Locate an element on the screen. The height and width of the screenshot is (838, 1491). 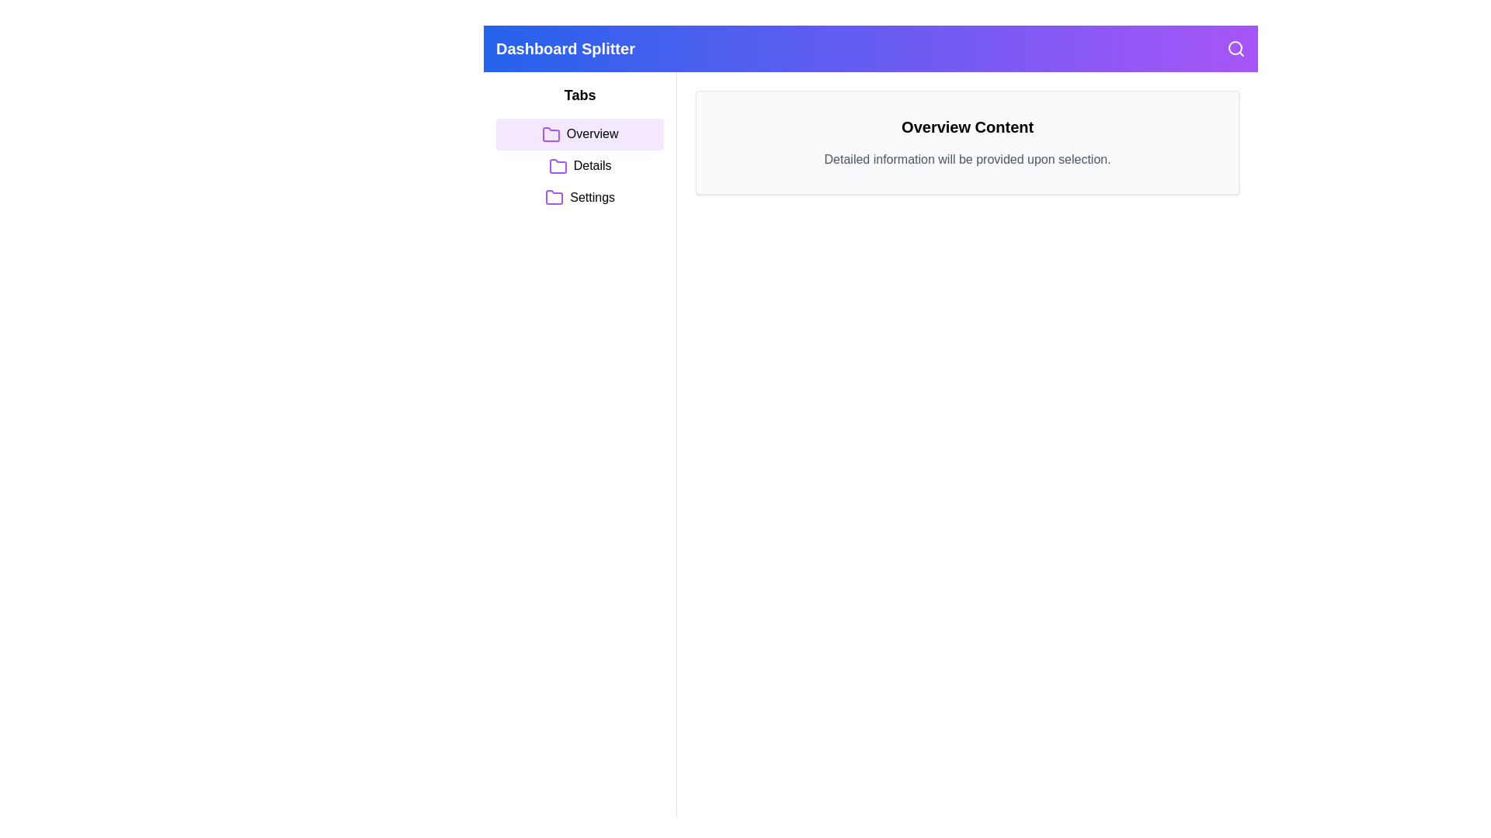
the 'Overview' button located at the top of the vertical list of navigational buttons in the sidebar is located at coordinates (579, 133).